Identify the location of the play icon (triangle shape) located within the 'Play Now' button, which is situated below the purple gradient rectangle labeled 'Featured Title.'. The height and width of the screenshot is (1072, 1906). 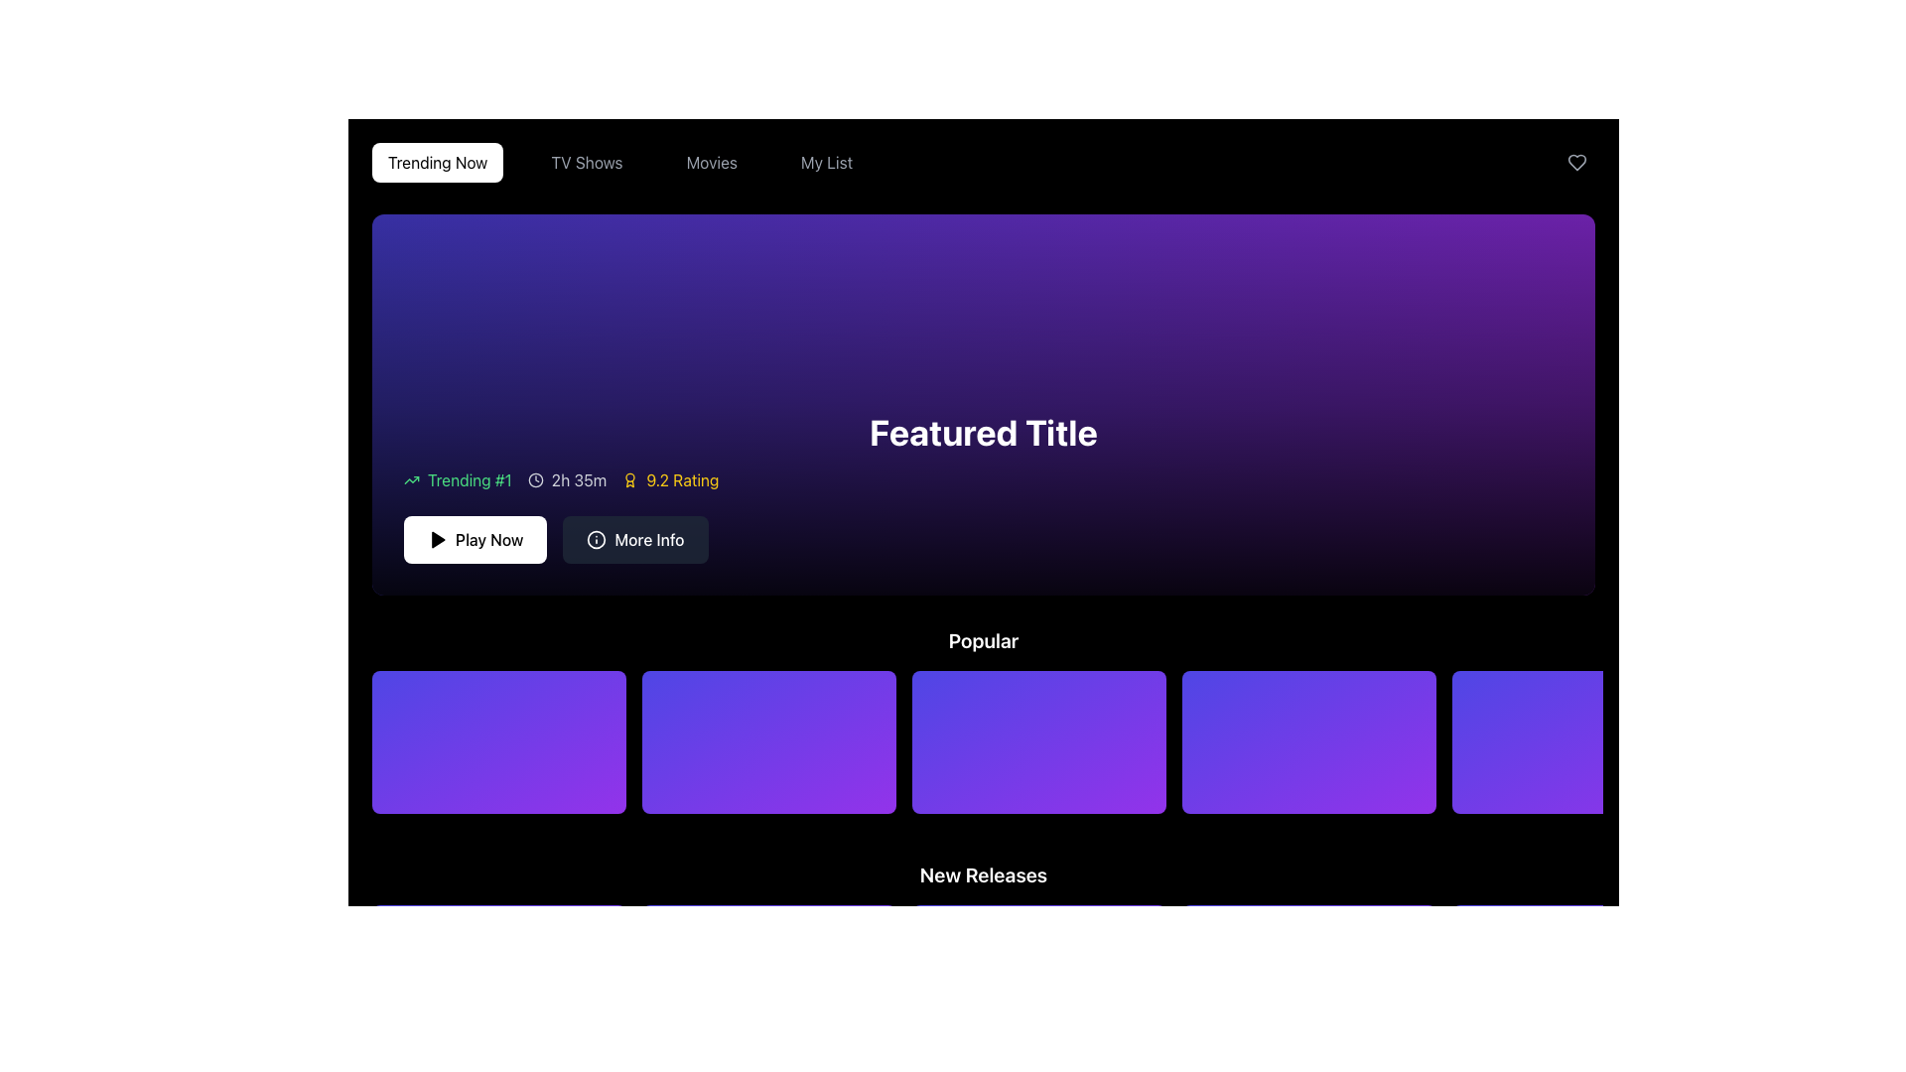
(437, 539).